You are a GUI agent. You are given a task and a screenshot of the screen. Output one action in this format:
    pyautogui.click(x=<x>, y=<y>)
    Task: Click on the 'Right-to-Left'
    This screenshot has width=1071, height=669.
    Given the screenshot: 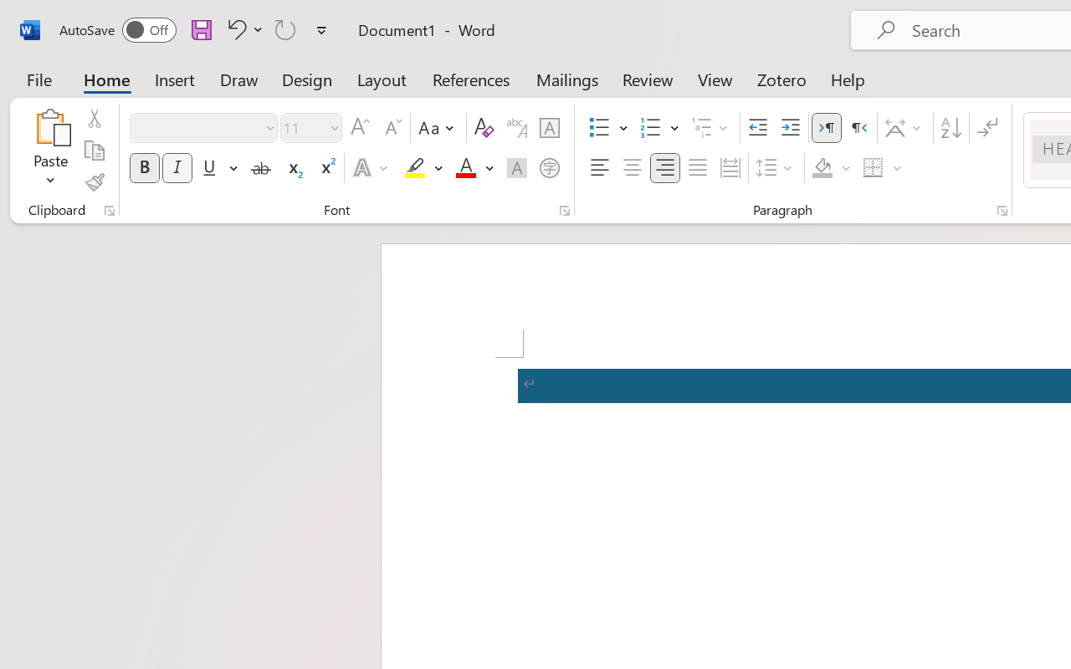 What is the action you would take?
    pyautogui.click(x=858, y=128)
    